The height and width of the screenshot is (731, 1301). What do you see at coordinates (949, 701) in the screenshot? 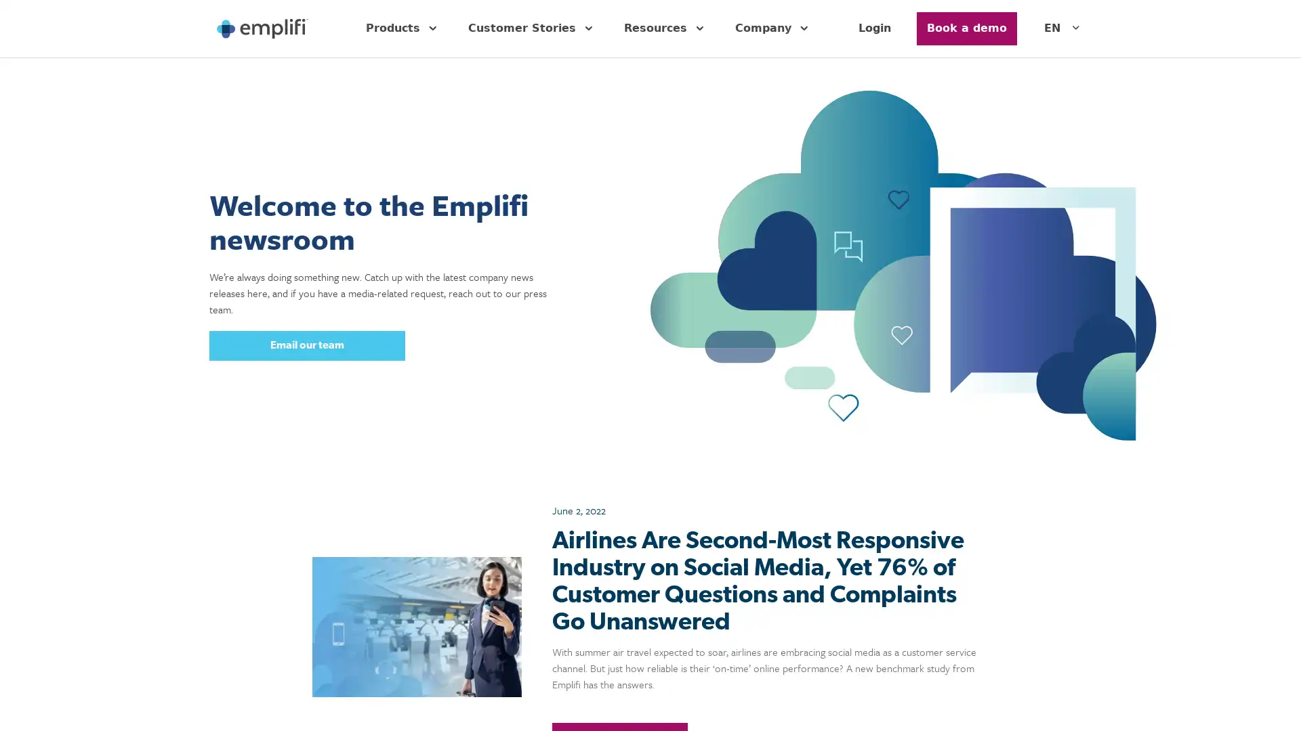
I see `Do Not Sell My Personal Information` at bounding box center [949, 701].